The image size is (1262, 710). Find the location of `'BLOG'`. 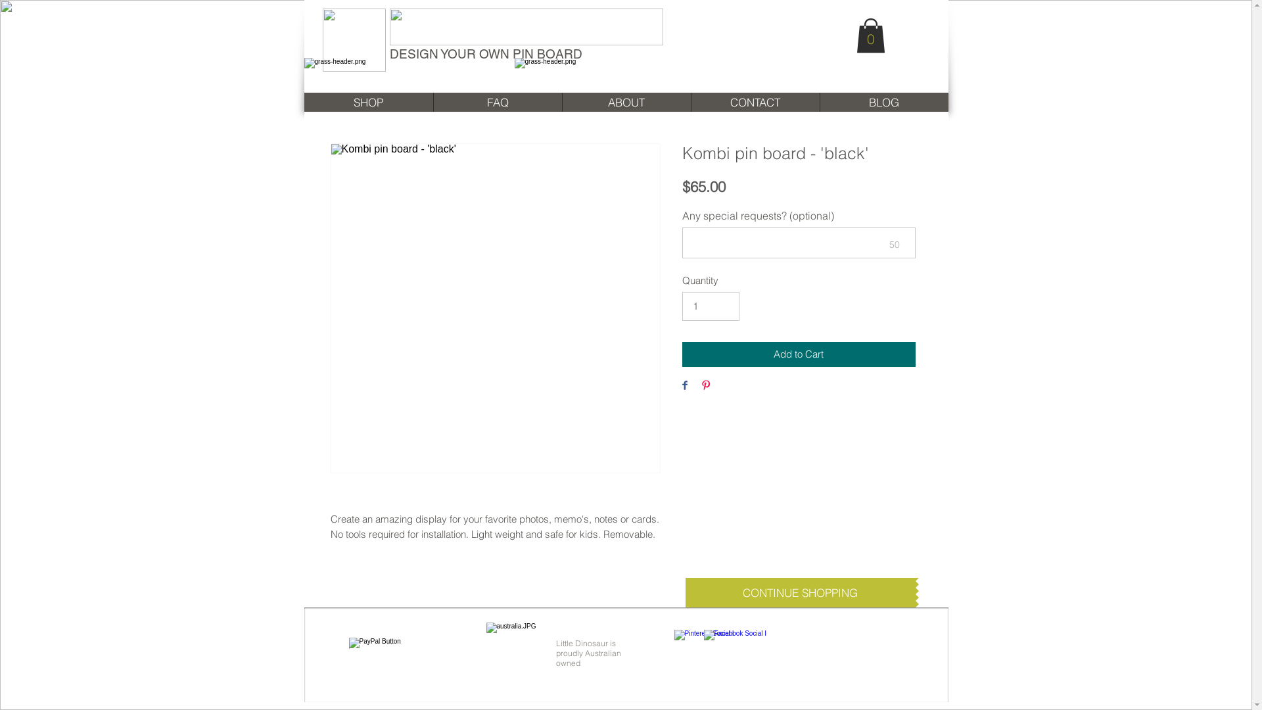

'BLOG' is located at coordinates (883, 101).